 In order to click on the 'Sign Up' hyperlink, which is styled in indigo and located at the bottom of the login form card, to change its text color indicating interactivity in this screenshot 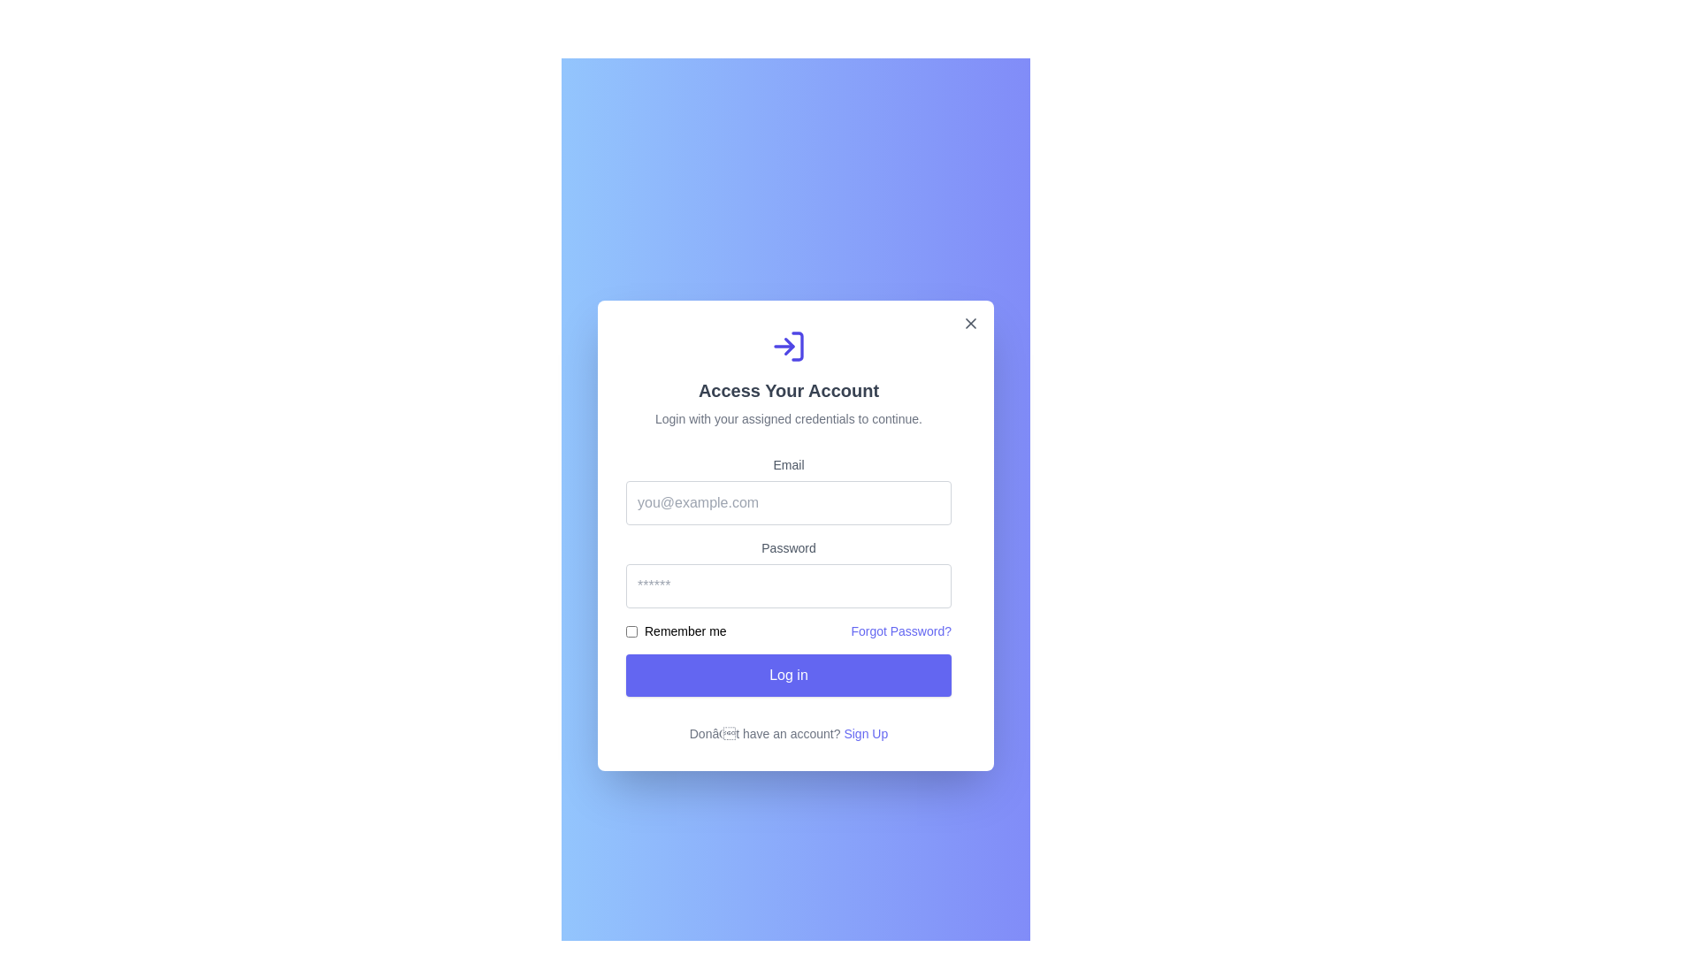, I will do `click(866, 733)`.